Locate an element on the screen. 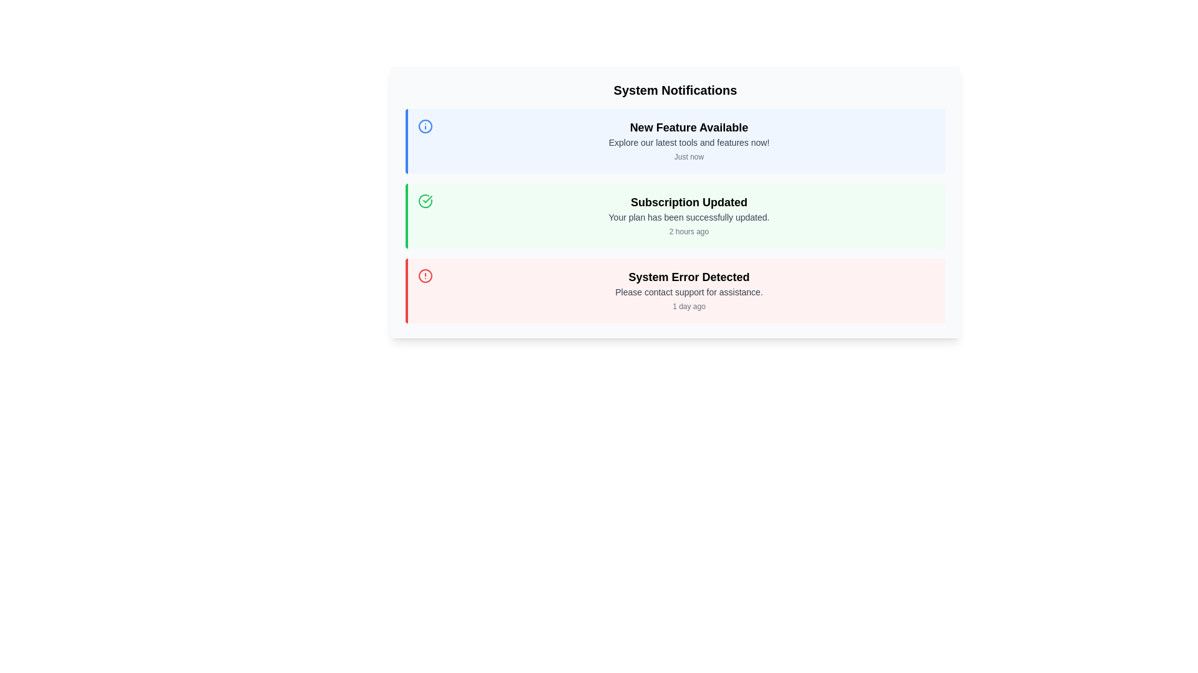  the outer circular boundary of the blue 'info' icon located at the top of the system notification list, to the left of the 'New Feature Available' notification is located at coordinates (425, 126).